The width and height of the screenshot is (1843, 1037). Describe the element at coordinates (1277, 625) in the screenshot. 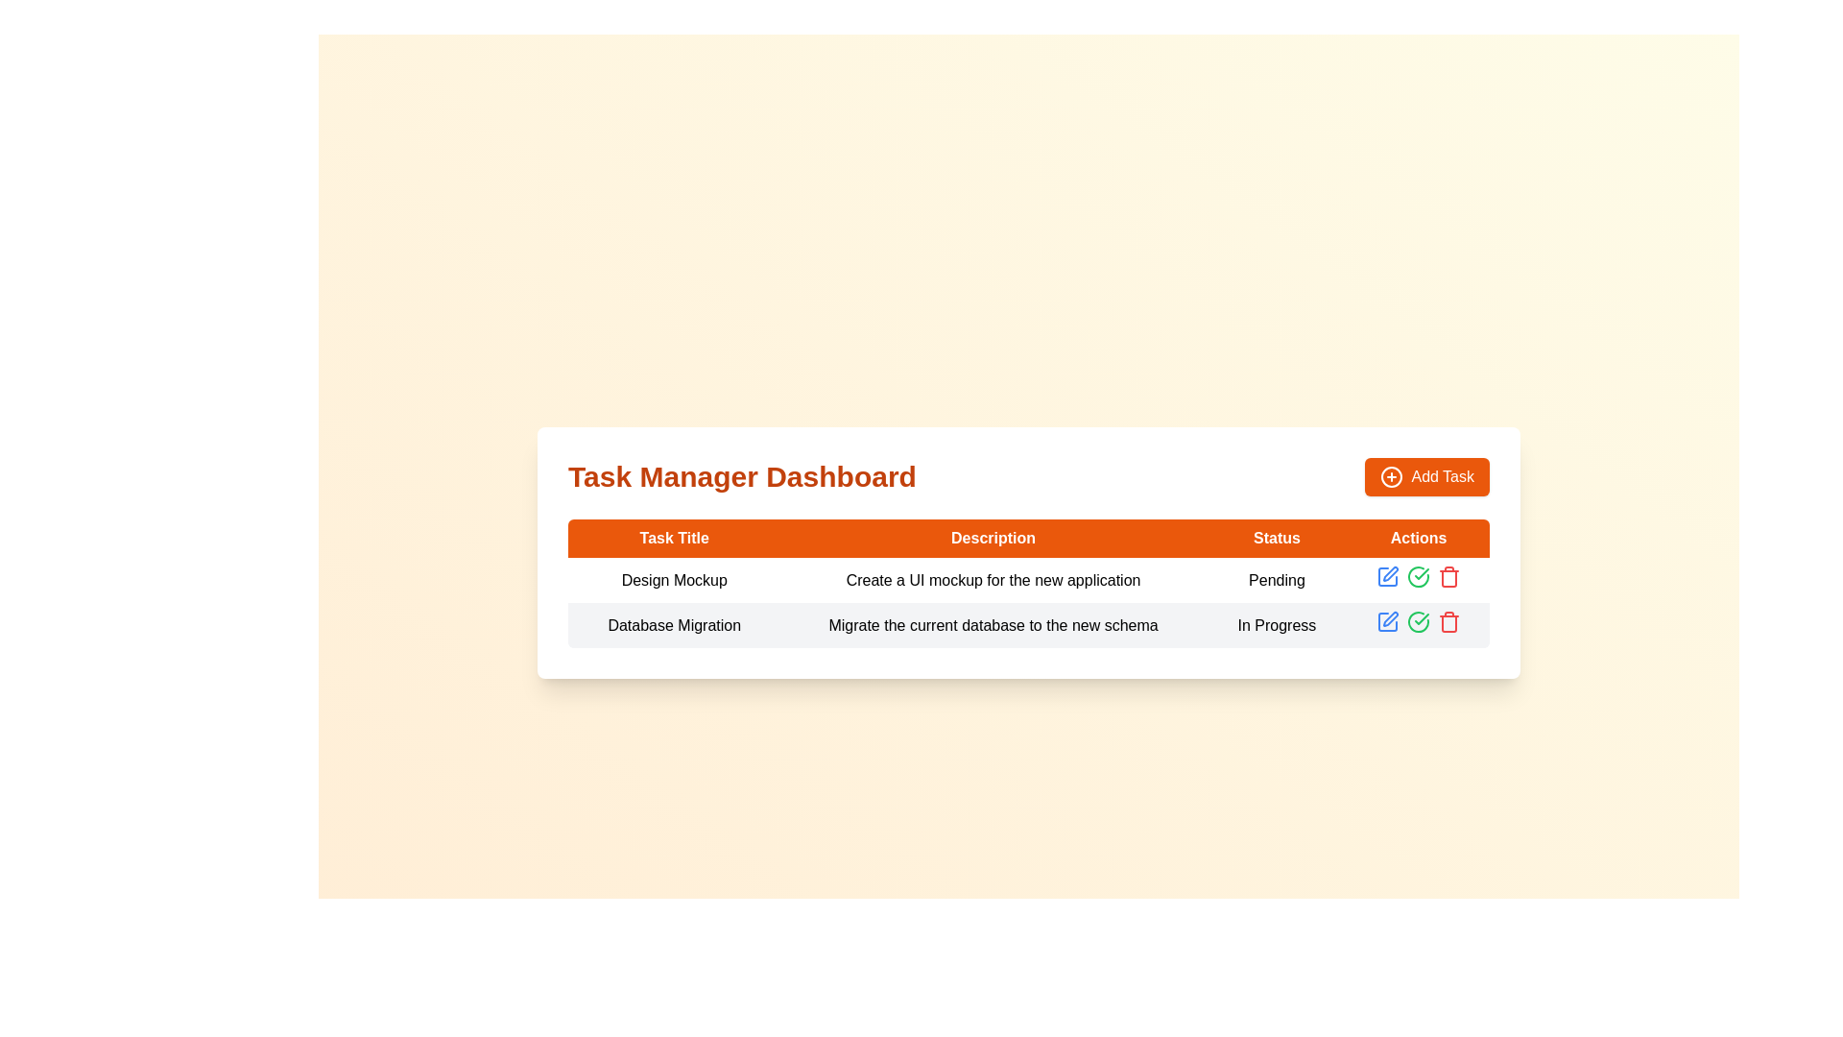

I see `the text label displaying the status 'In Progress' in the 'Status' column of the task table in the Task Manager Dashboard` at that location.